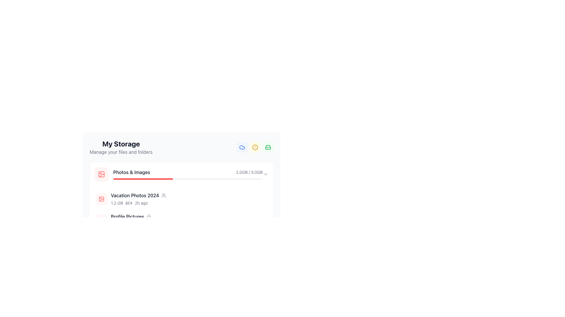 This screenshot has width=565, height=317. What do you see at coordinates (178, 174) in the screenshot?
I see `the 'Photos & Images' progress bar in the storage management interface` at bounding box center [178, 174].